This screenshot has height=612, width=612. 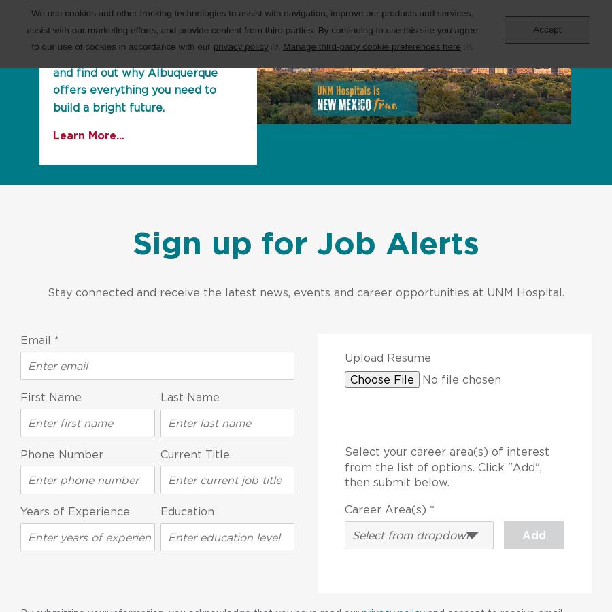 What do you see at coordinates (252, 29) in the screenshot?
I see `'We use cookies and other tracking technologies to assist with navigation, improve our products and services, assist with our marketing efforts, and provide content from third parties. By continuing to use this site you agree to our use of cookies in accordance with our'` at bounding box center [252, 29].